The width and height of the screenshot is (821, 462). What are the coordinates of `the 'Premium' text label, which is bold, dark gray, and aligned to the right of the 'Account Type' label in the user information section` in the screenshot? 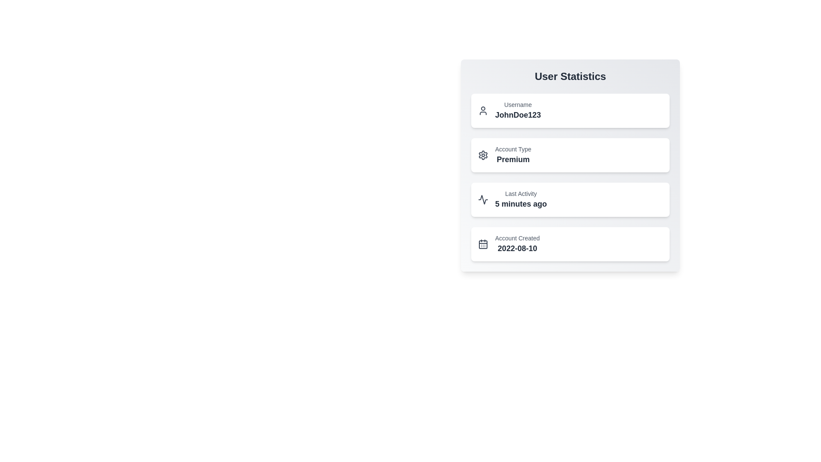 It's located at (513, 160).